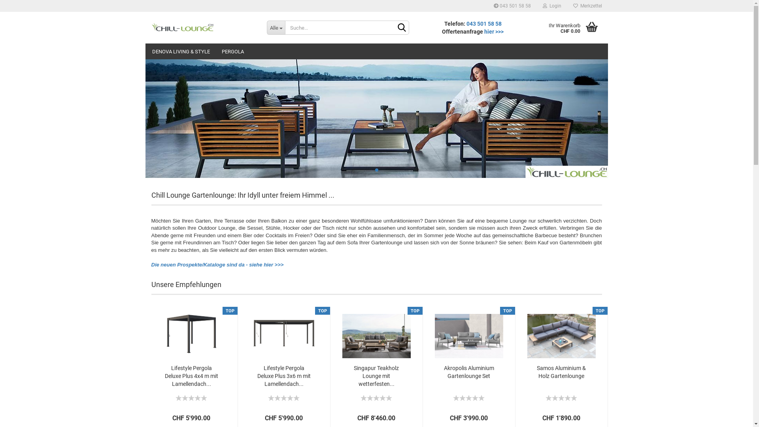  What do you see at coordinates (267, 27) in the screenshot?
I see `'Alle'` at bounding box center [267, 27].